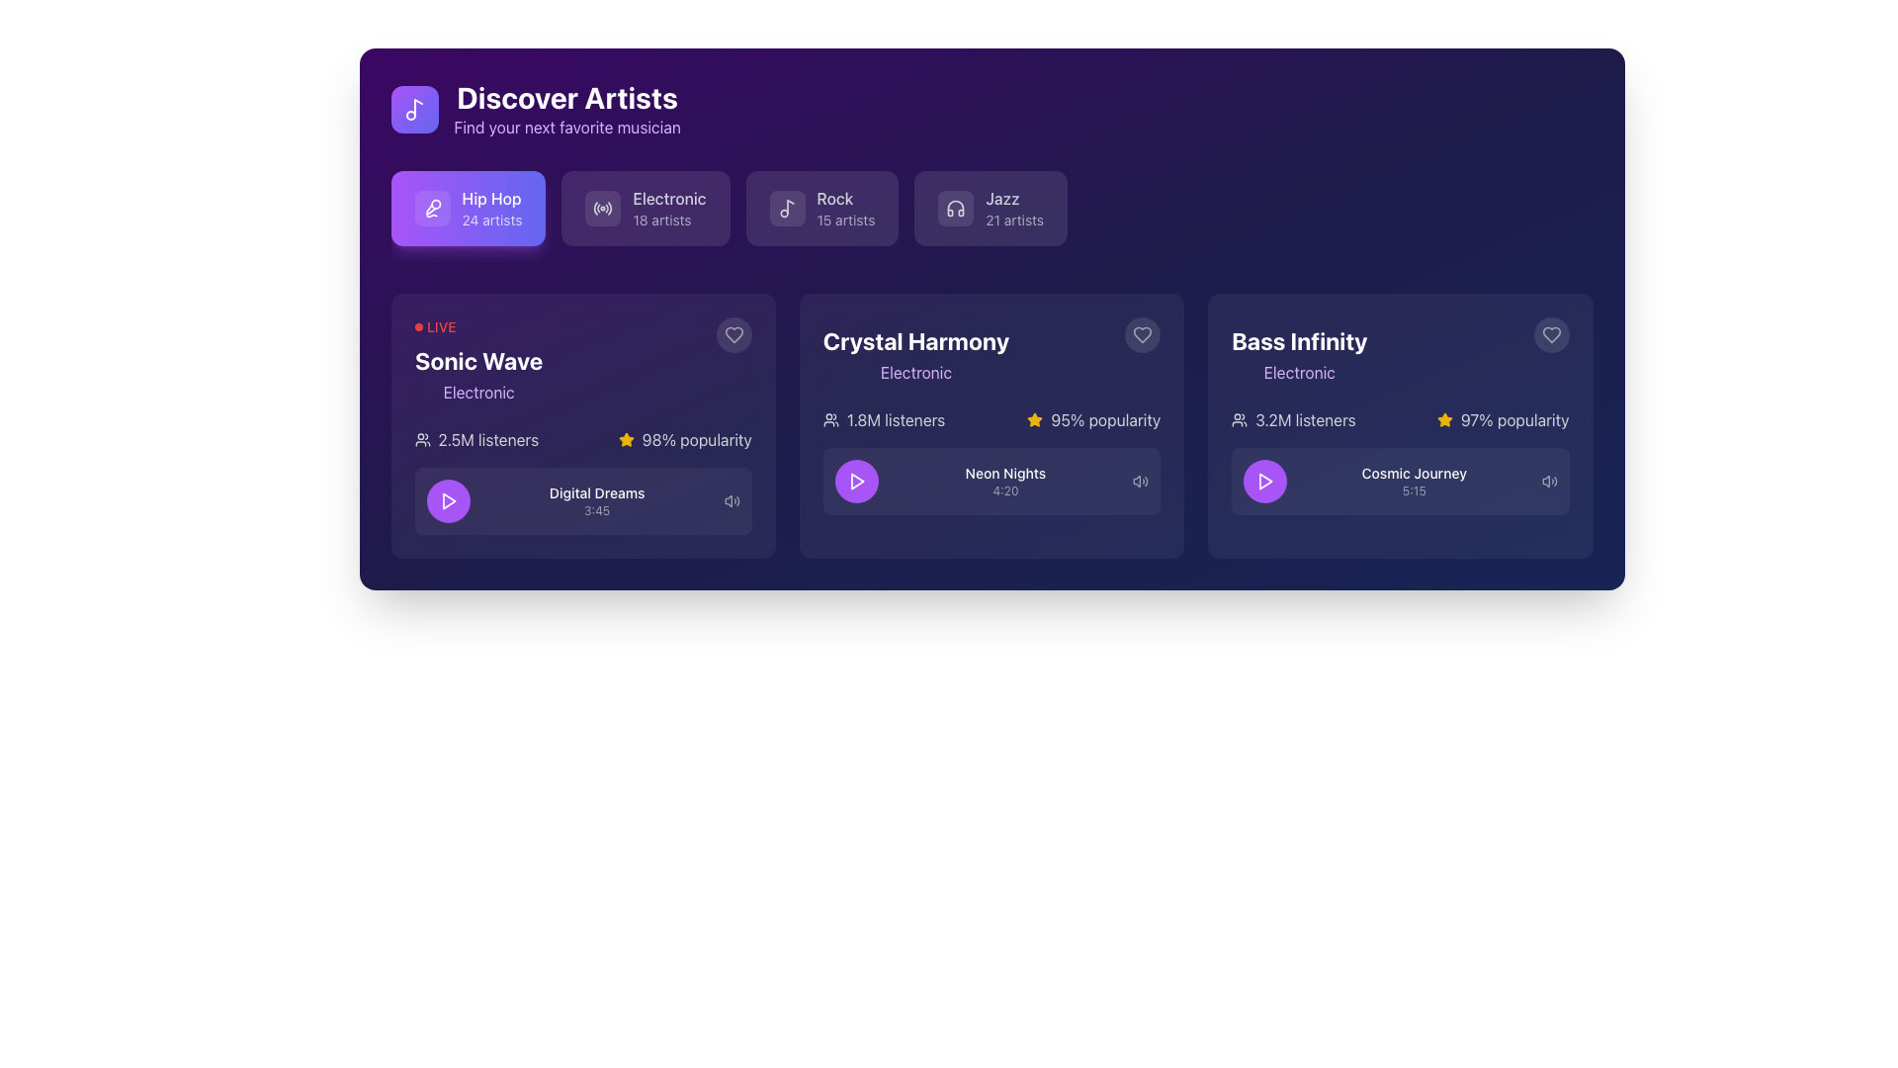  Describe the element at coordinates (602, 209) in the screenshot. I see `the keyboard navigation on the 'Electronic' music category icon located in the second tab under 'Discover Artists', positioned between the 'Hip Hop' and 'Rock' tabs` at that location.